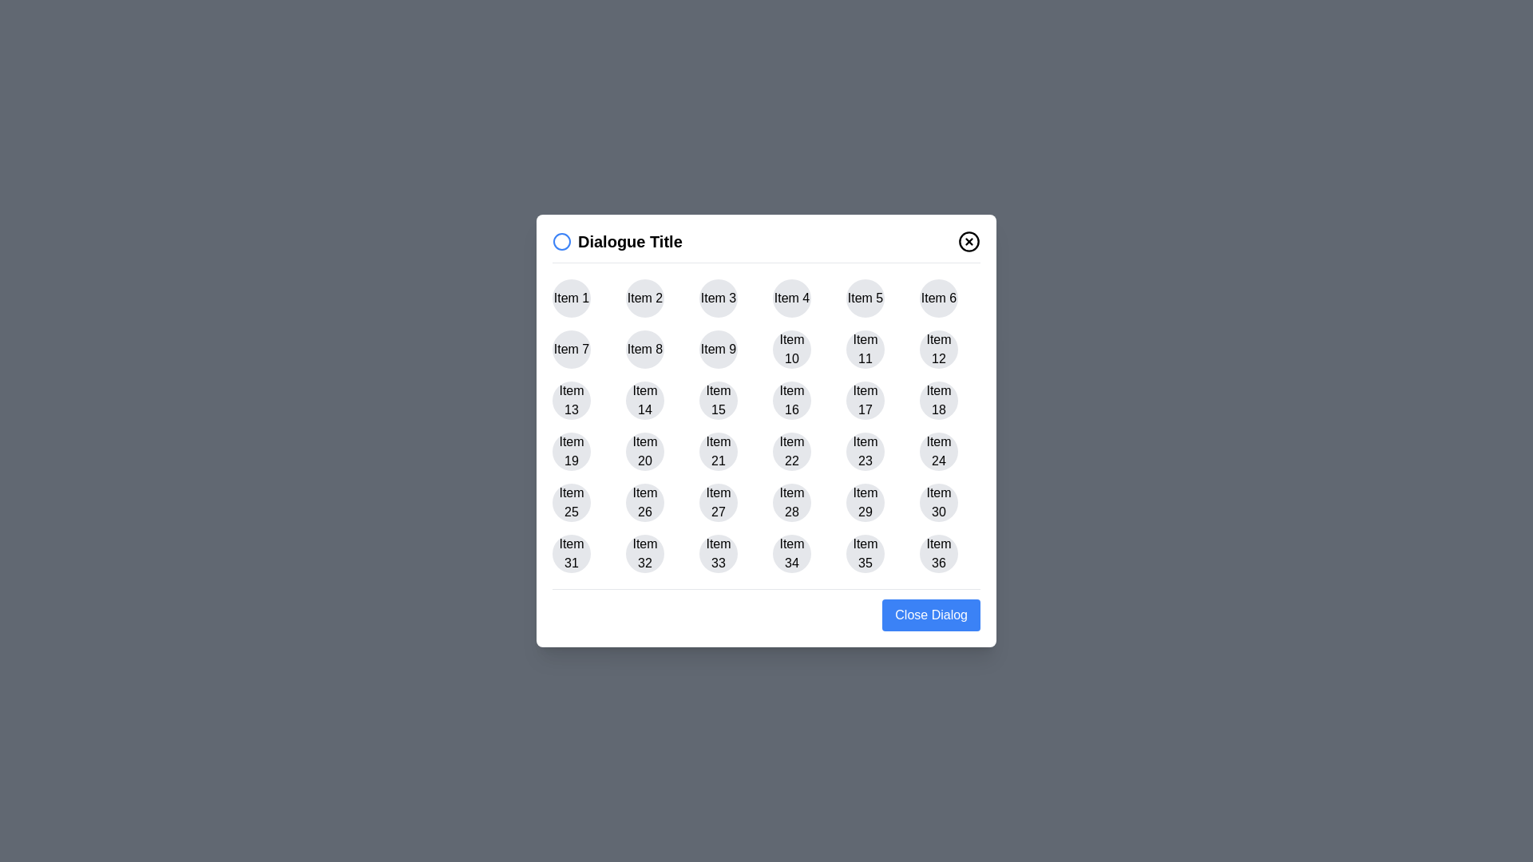 The height and width of the screenshot is (862, 1533). I want to click on the 'X' button to close the dialog, so click(969, 242).